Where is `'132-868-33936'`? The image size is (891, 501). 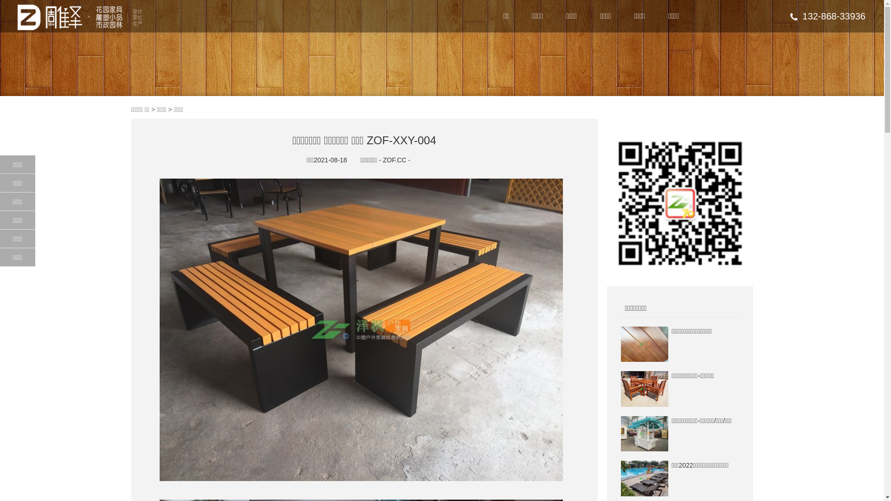 '132-868-33936' is located at coordinates (828, 16).